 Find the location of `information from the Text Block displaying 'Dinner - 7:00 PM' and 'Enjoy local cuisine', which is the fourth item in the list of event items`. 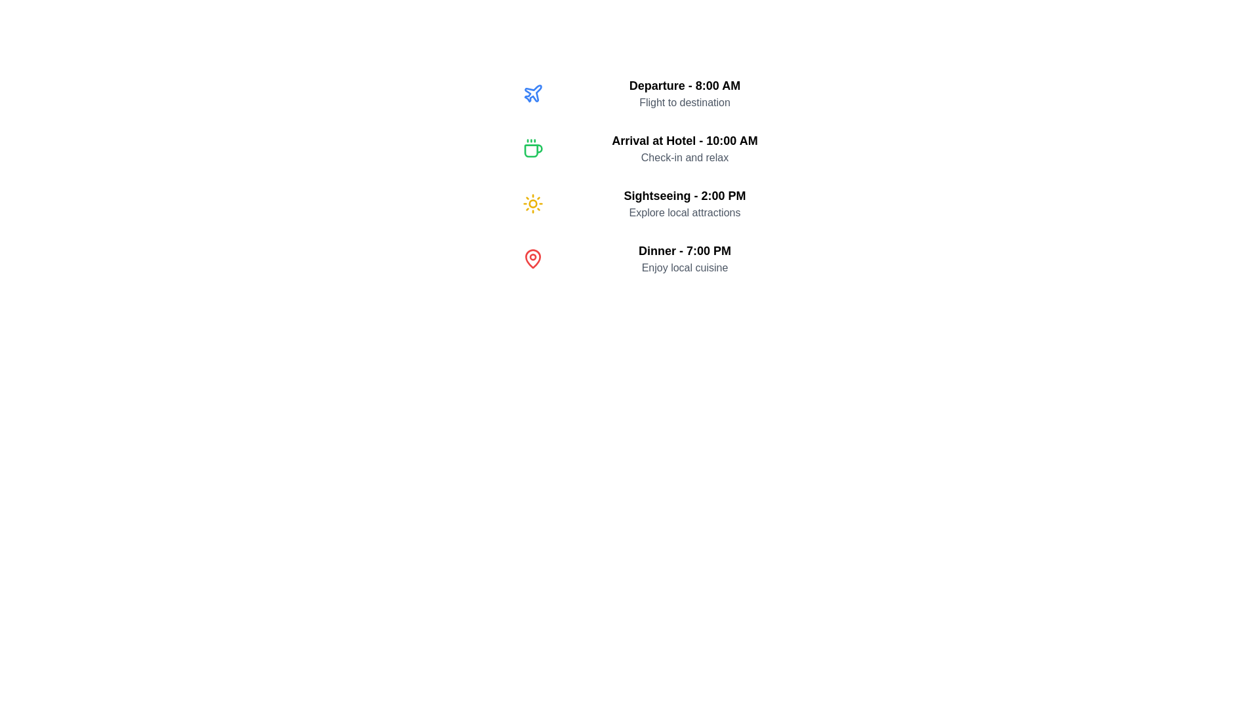

information from the Text Block displaying 'Dinner - 7:00 PM' and 'Enjoy local cuisine', which is the fourth item in the list of event items is located at coordinates (684, 258).